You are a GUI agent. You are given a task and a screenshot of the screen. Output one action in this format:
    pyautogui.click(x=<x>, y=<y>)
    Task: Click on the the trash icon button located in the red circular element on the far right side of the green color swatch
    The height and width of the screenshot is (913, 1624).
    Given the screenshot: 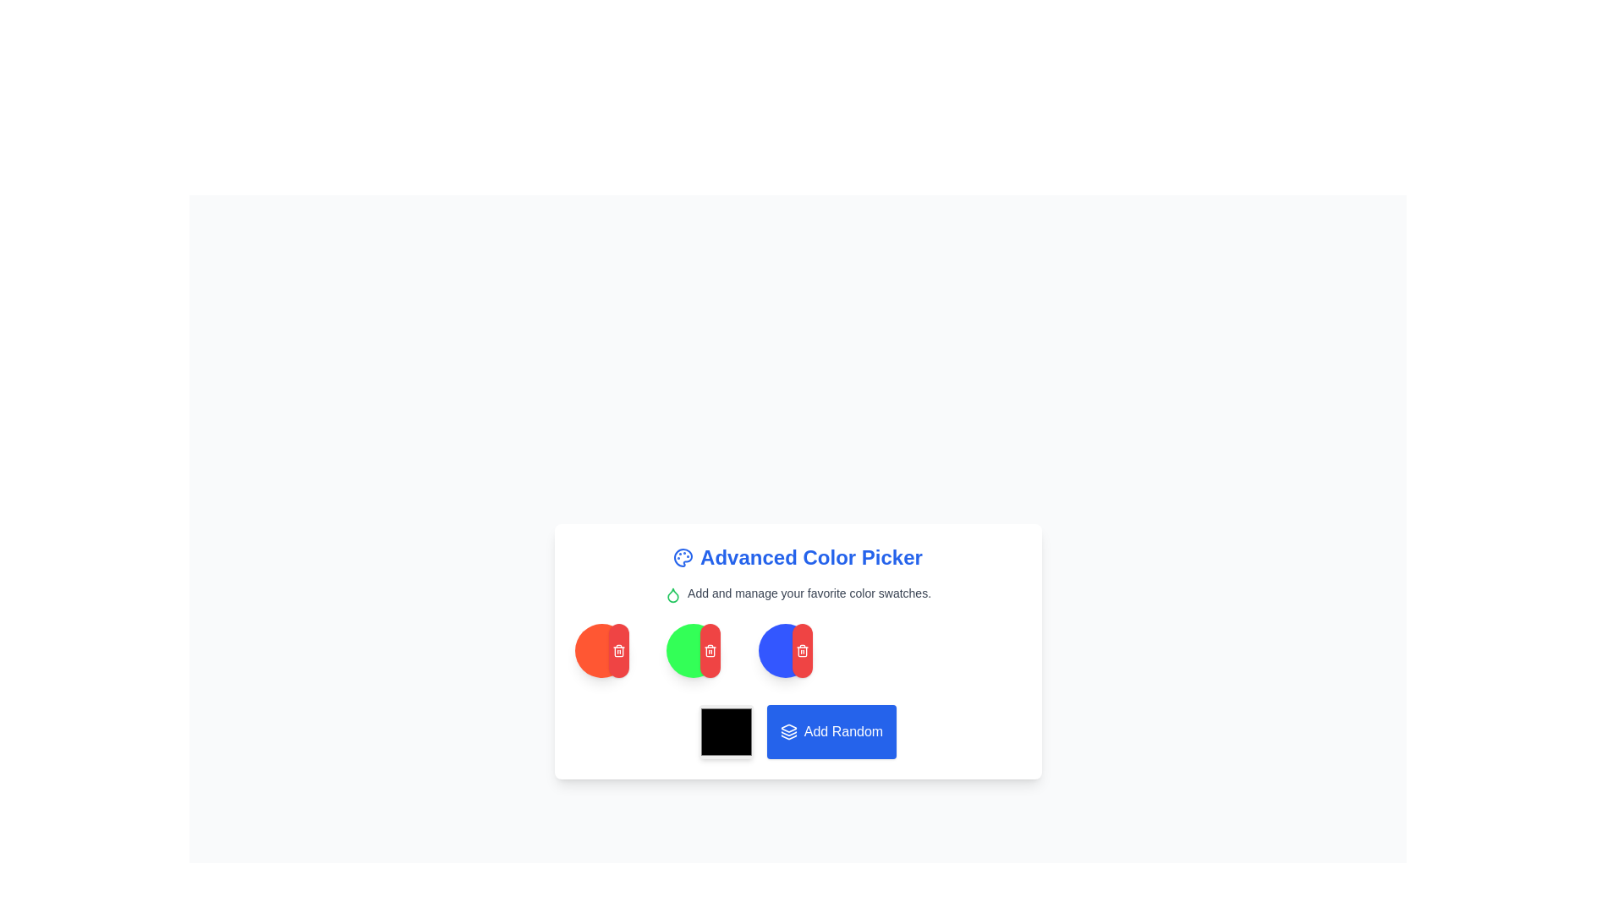 What is the action you would take?
    pyautogui.click(x=617, y=649)
    